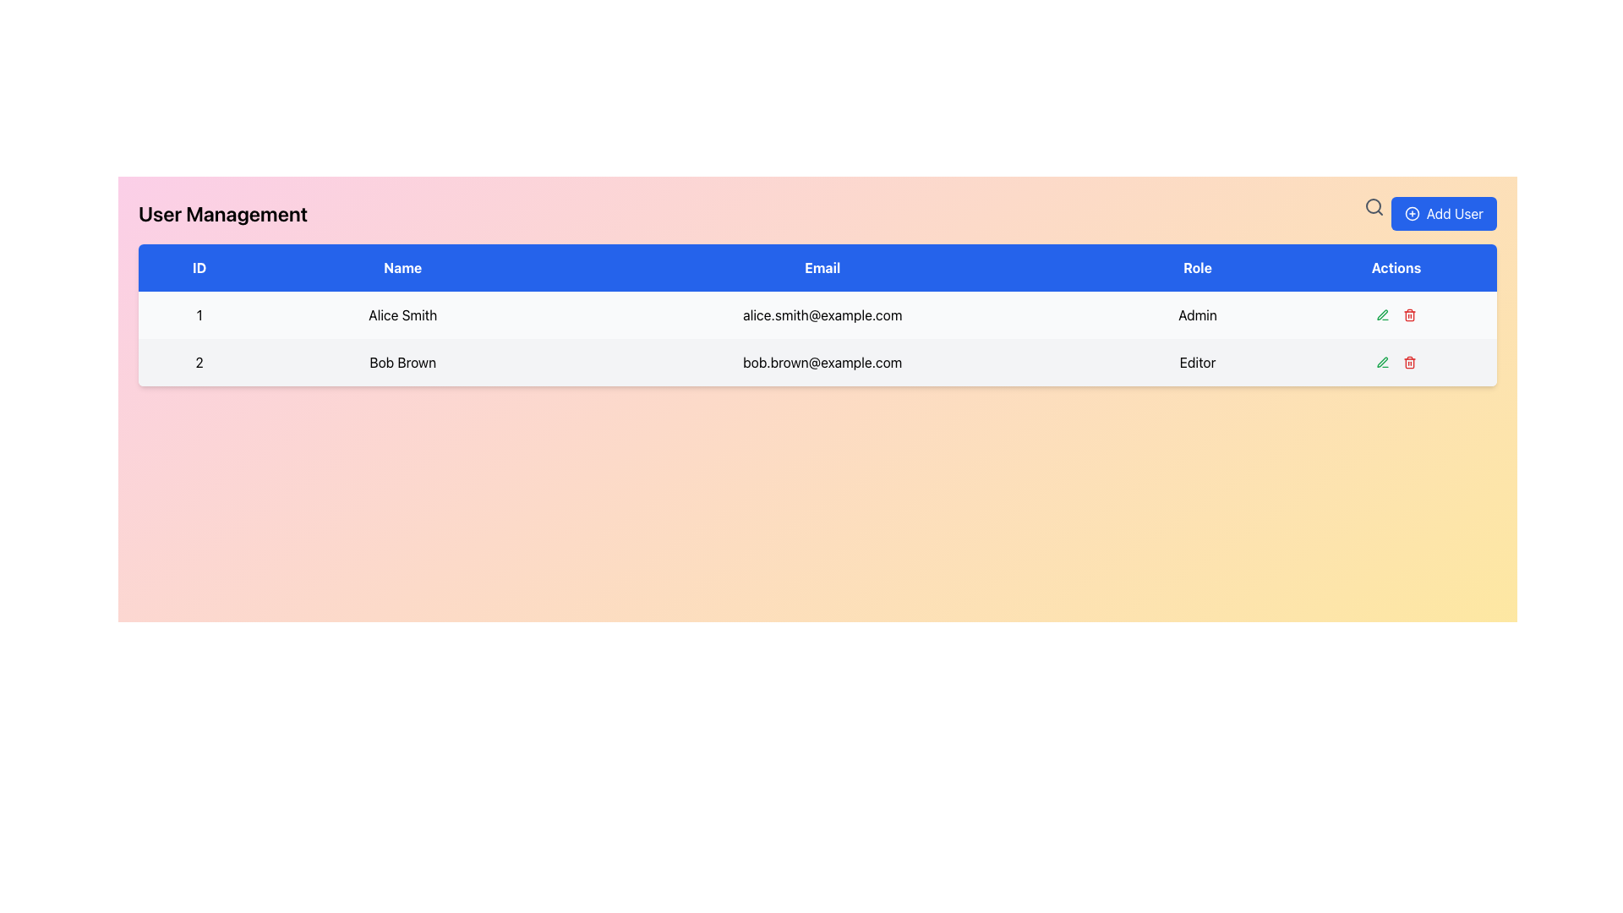  I want to click on the Table Header Cell labeled 'Name', which is the second column header in the table, styled with bold white text on a blue background, so click(402, 266).